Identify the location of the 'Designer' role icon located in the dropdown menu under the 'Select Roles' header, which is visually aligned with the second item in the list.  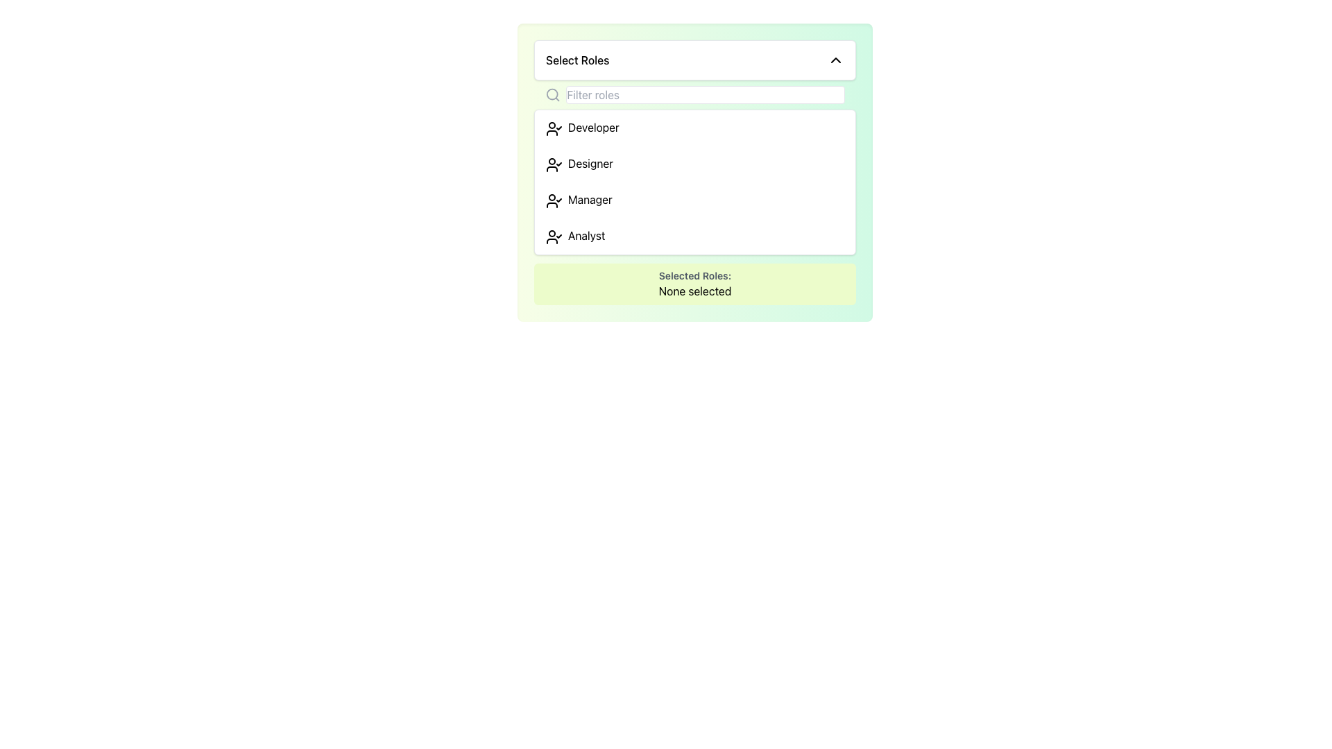
(553, 163).